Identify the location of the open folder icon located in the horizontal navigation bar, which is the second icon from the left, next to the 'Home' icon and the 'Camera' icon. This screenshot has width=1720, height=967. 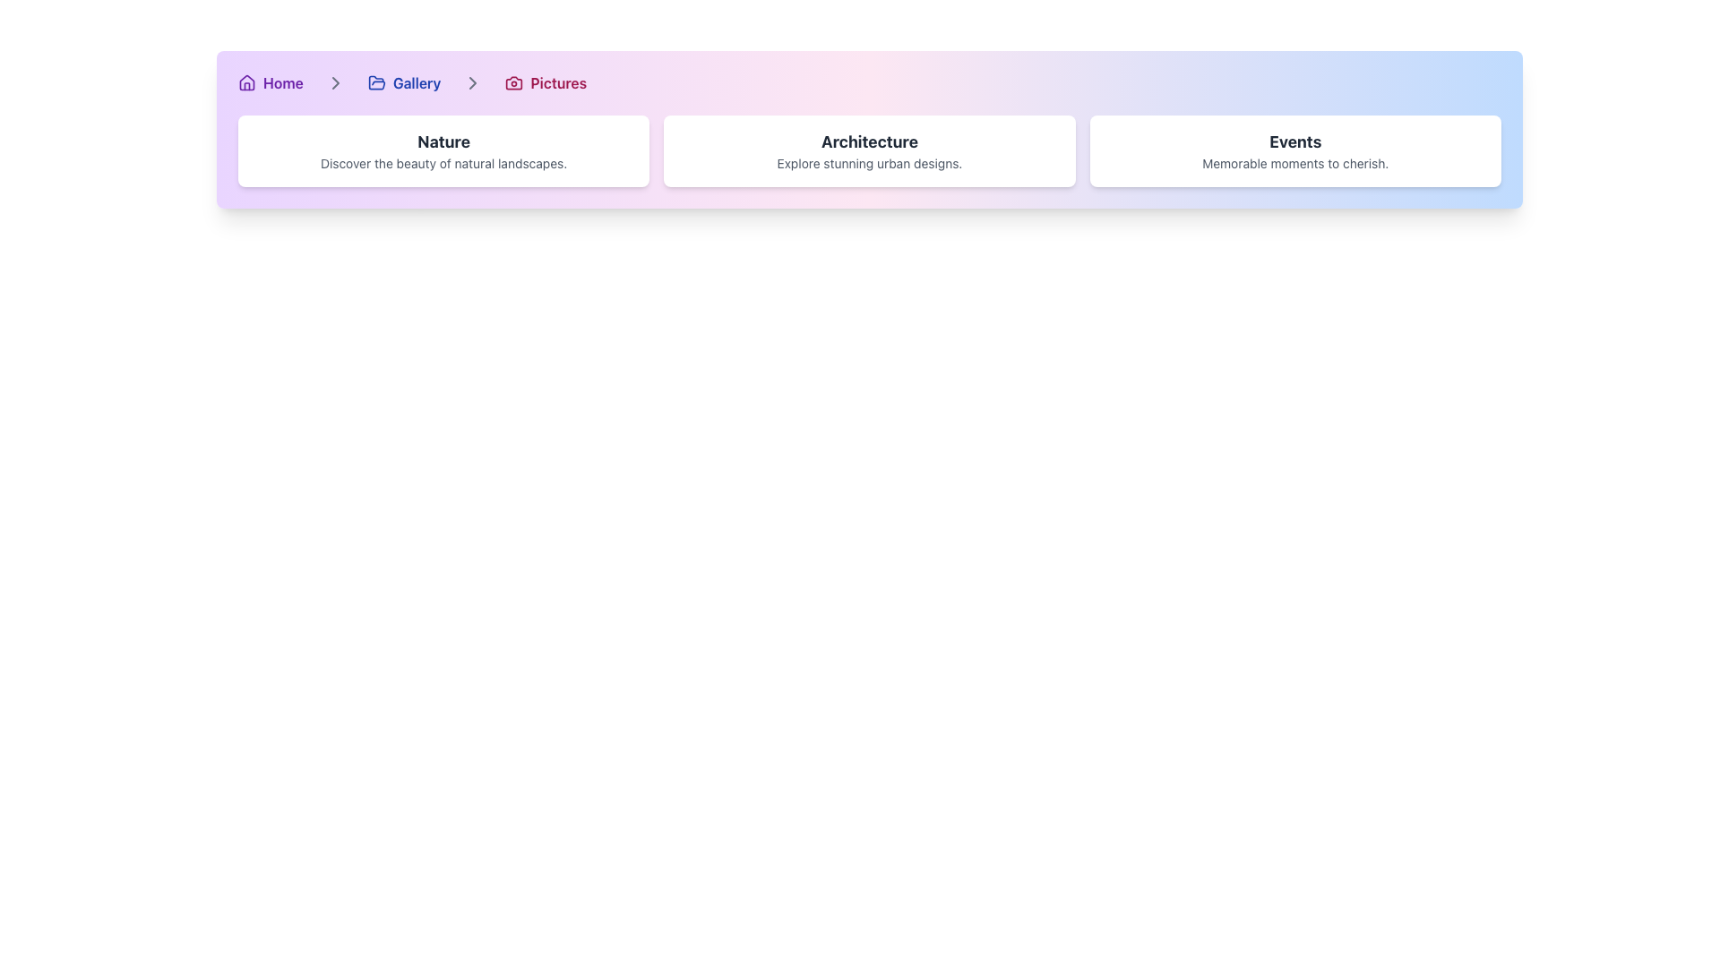
(375, 82).